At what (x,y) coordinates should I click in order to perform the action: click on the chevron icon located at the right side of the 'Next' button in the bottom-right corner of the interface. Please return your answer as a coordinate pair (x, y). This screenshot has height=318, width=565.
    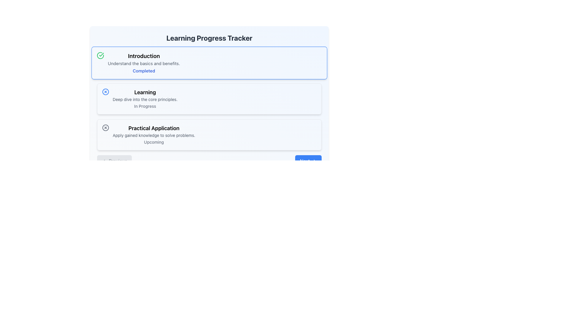
    Looking at the image, I should click on (314, 161).